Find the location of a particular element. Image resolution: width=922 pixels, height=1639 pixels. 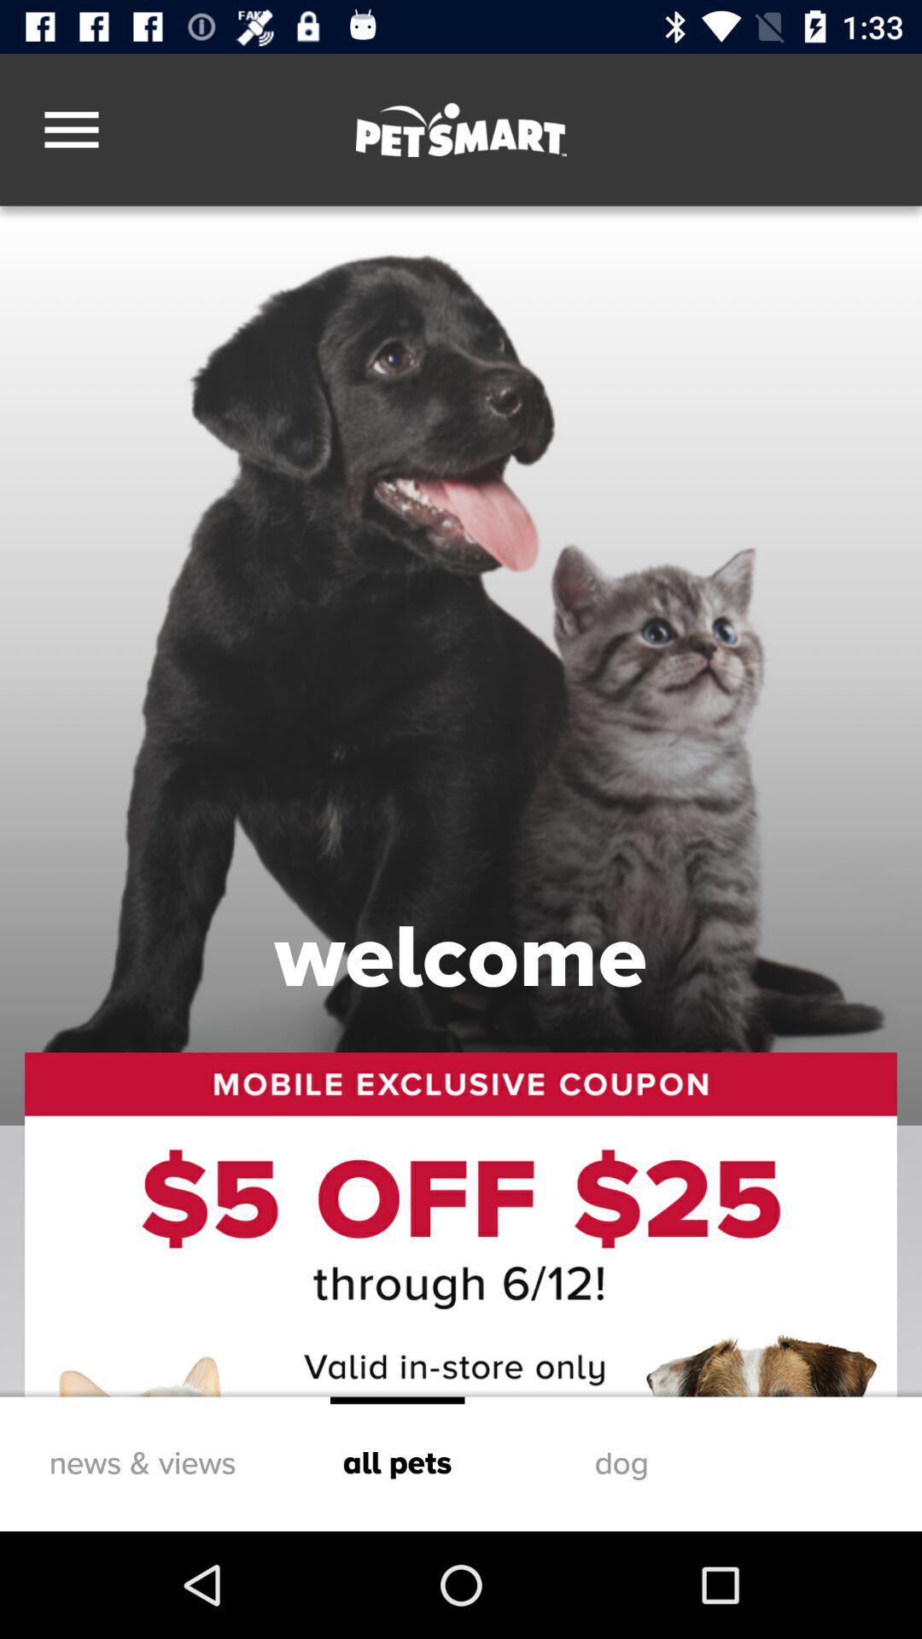

the all pets item is located at coordinates (397, 1463).